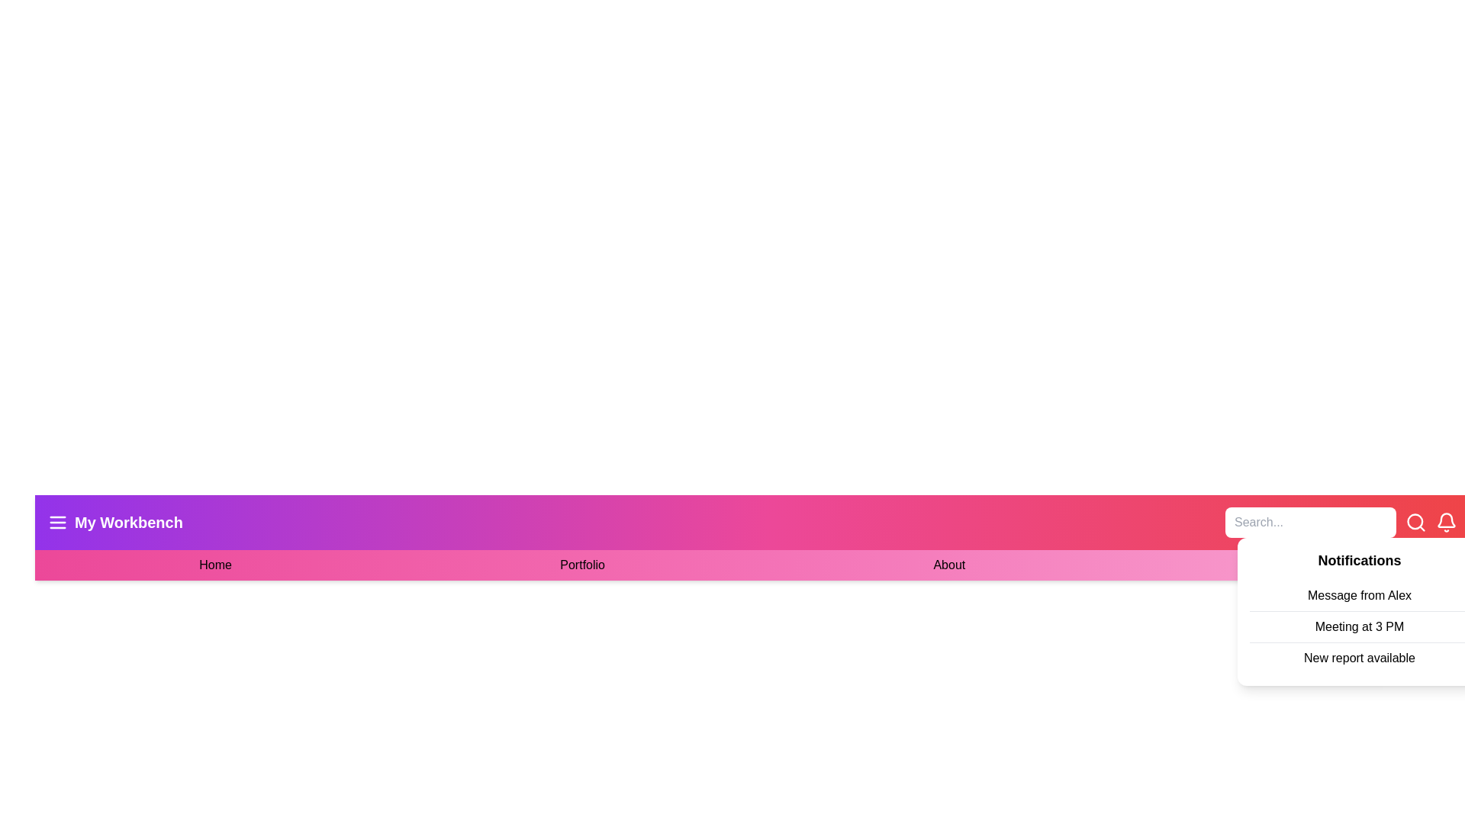 This screenshot has height=824, width=1465. Describe the element at coordinates (214, 565) in the screenshot. I see `the first navigation Text link that directs users to the homepage or main section of the application` at that location.